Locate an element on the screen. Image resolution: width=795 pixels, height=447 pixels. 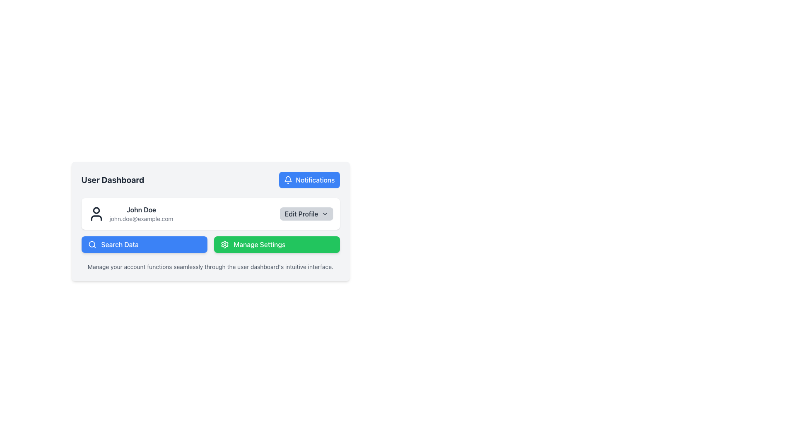
the blue 'Notifications' button with a white bell icon is located at coordinates (309, 180).